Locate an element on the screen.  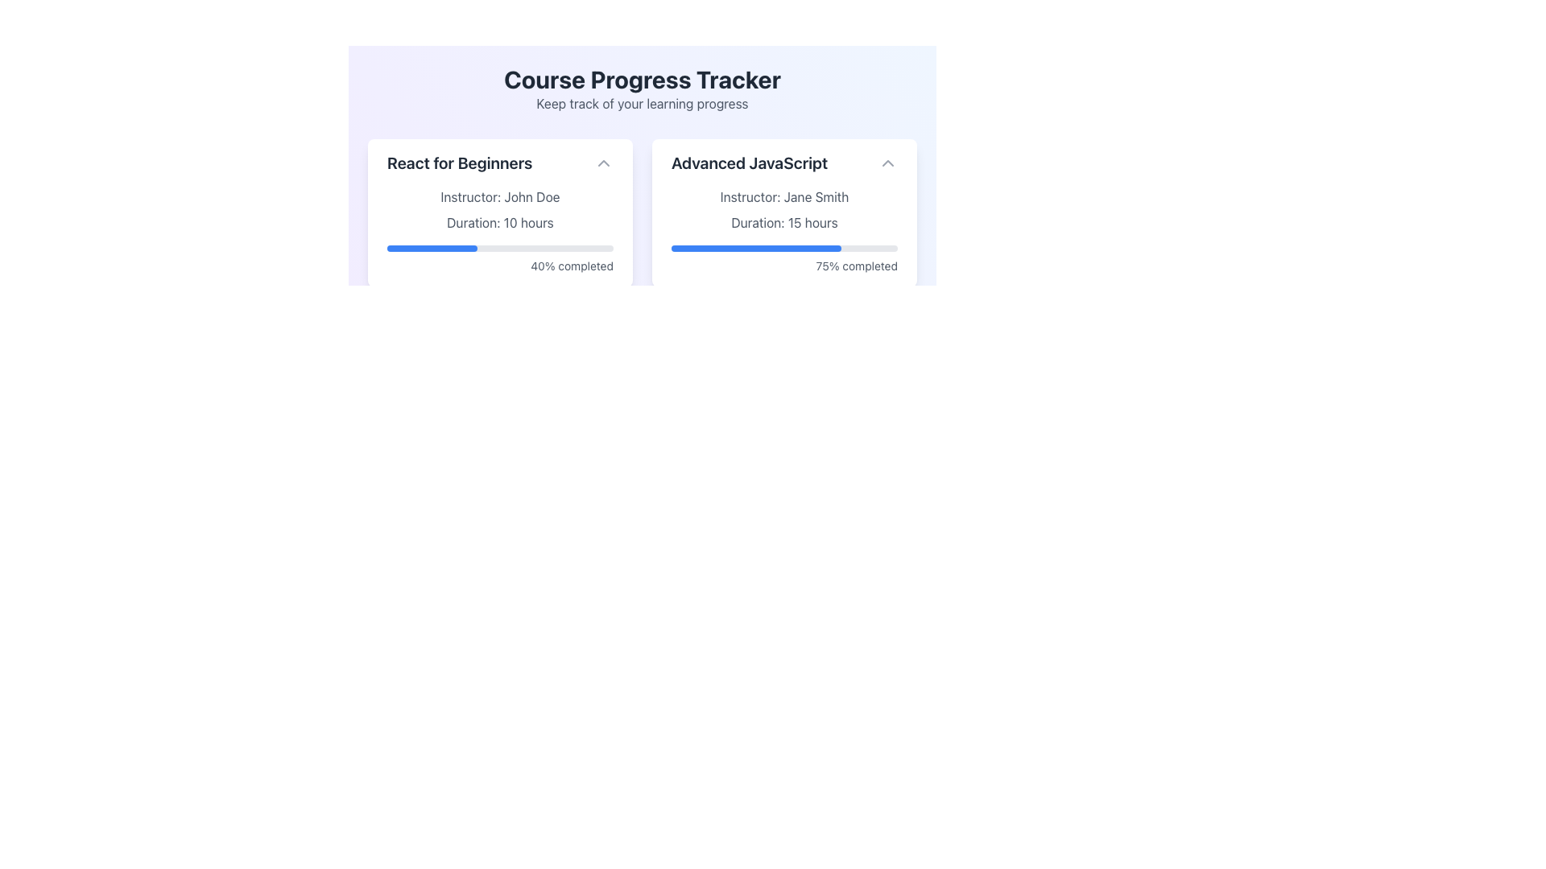
the progress visually by interacting with the progress bar located near the bottom of the 'React for Beginners' section, directly above the '40% completed' text is located at coordinates (499, 248).